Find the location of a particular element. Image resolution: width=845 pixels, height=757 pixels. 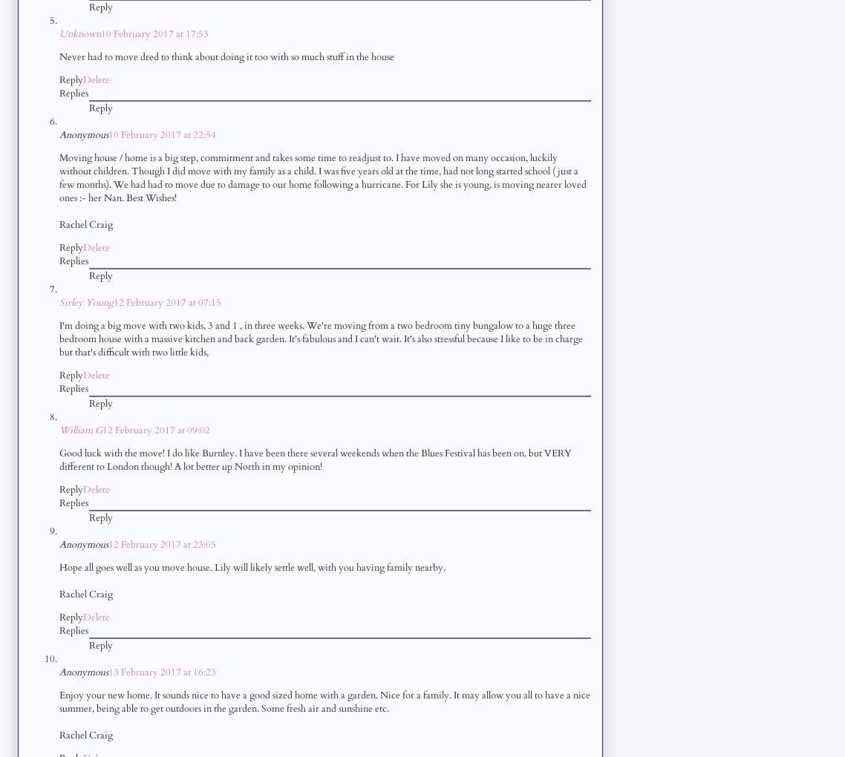

'I'm doing a big move with two kids, 3 and 1 , in three weeks. We're moving from a two bedroom tiny bungalow to a huge three bedroom house with a massive kitchen and back garden. It's  fabulous and I can't wait. It's also stressful because I like to be in charge but that's difficult with two little kids,' is located at coordinates (320, 338).